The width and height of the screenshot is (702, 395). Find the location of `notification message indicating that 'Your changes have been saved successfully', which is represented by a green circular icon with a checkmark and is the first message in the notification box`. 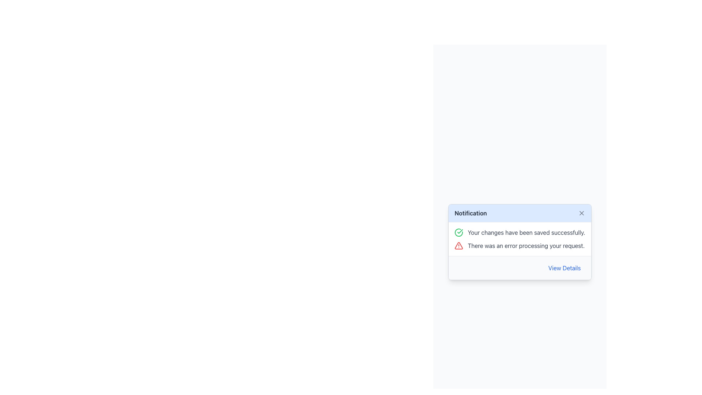

notification message indicating that 'Your changes have been saved successfully', which is represented by a green circular icon with a checkmark and is the first message in the notification box is located at coordinates (519, 233).